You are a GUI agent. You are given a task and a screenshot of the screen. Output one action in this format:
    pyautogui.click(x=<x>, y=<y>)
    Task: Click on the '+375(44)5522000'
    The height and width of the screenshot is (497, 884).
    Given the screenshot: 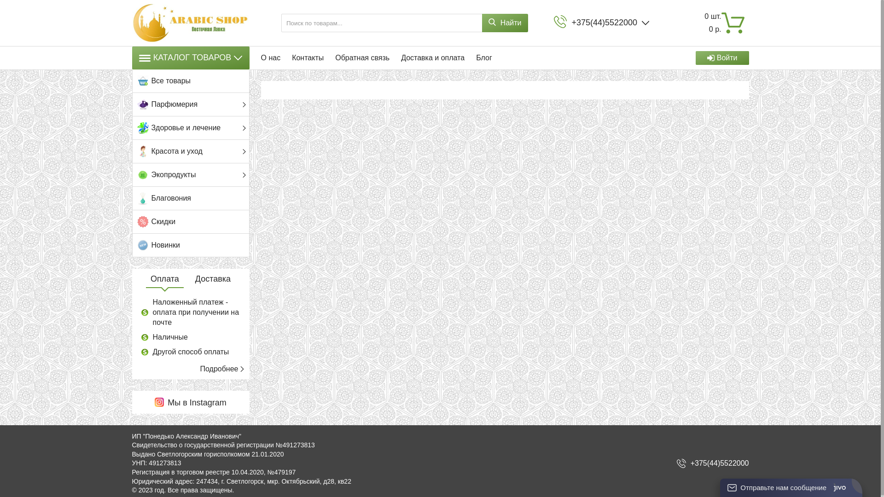 What is the action you would take?
    pyautogui.click(x=604, y=22)
    